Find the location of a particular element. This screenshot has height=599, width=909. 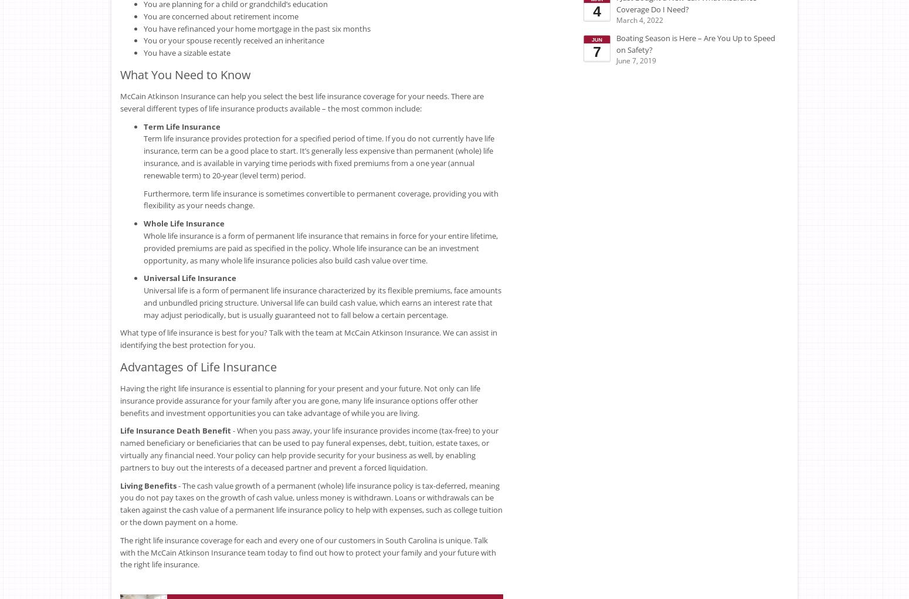

'Whole Life Insurance' is located at coordinates (184, 224).